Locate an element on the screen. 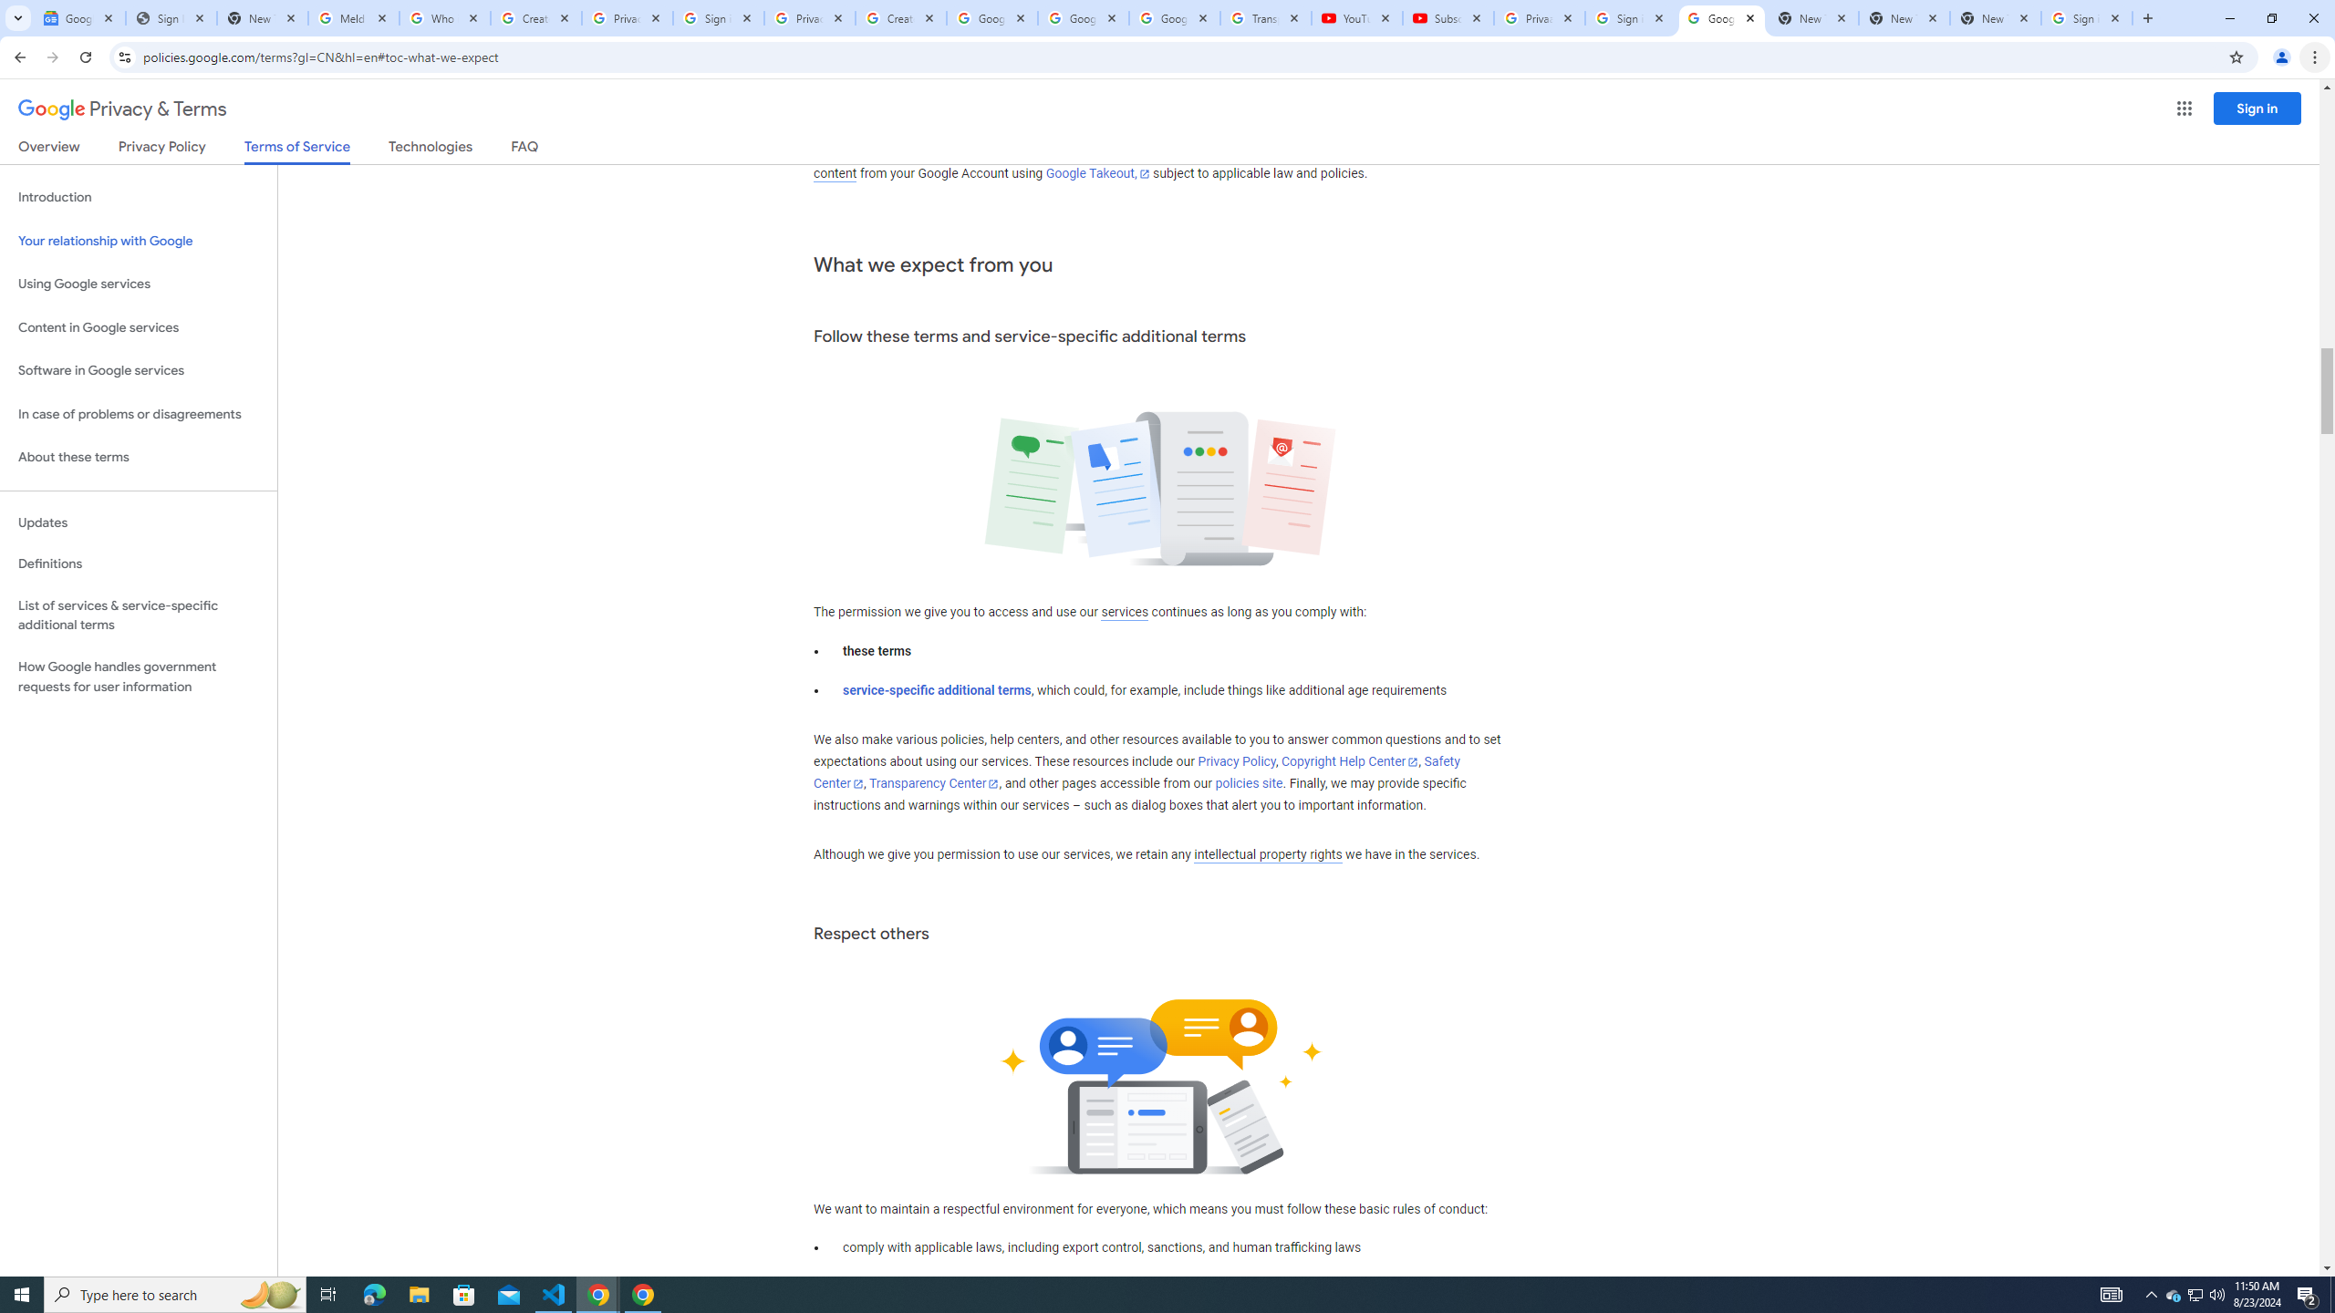  'intellectual property rights' is located at coordinates (1268, 855).